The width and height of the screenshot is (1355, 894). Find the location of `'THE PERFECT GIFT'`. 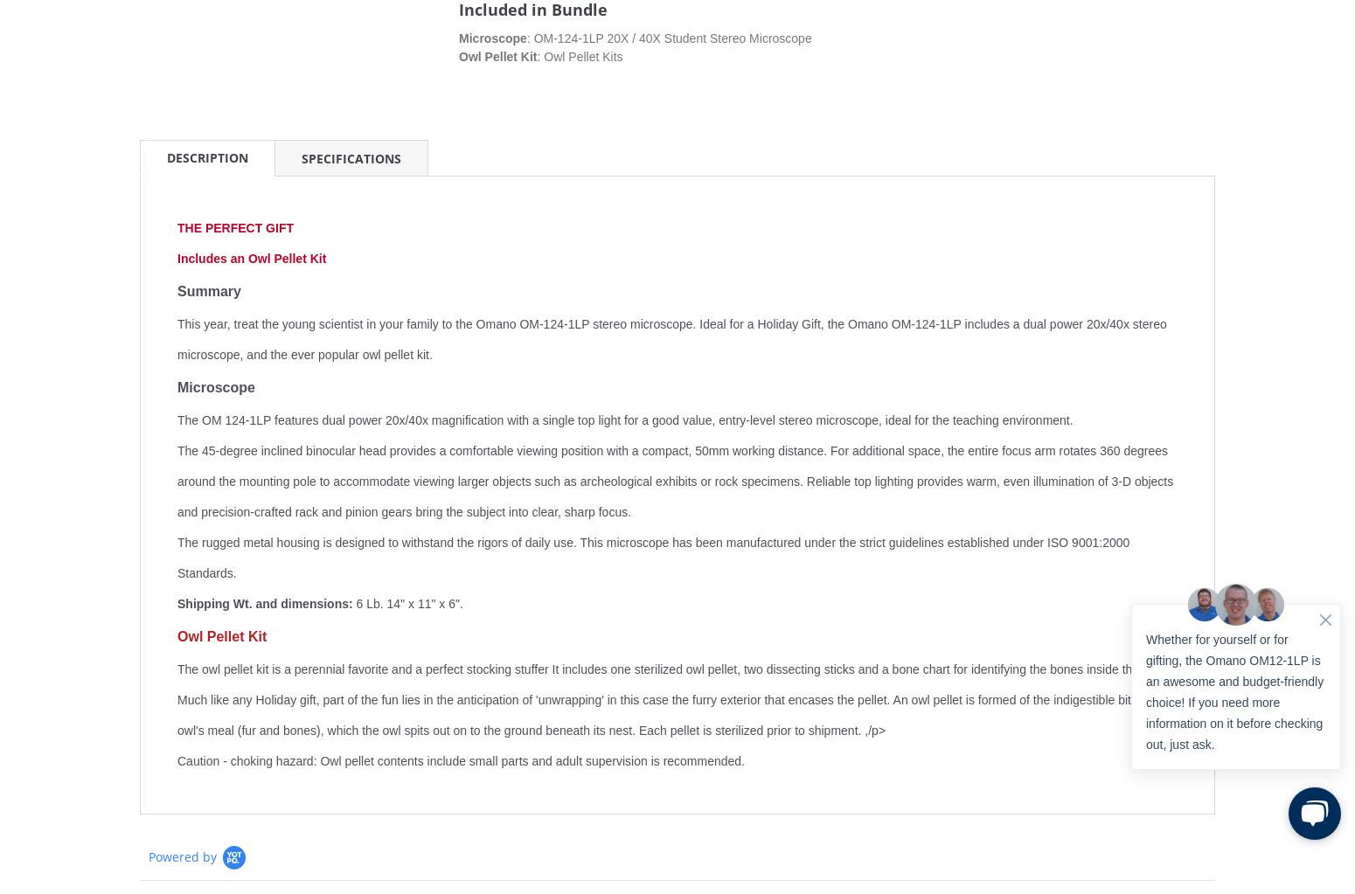

'THE PERFECT GIFT' is located at coordinates (235, 227).